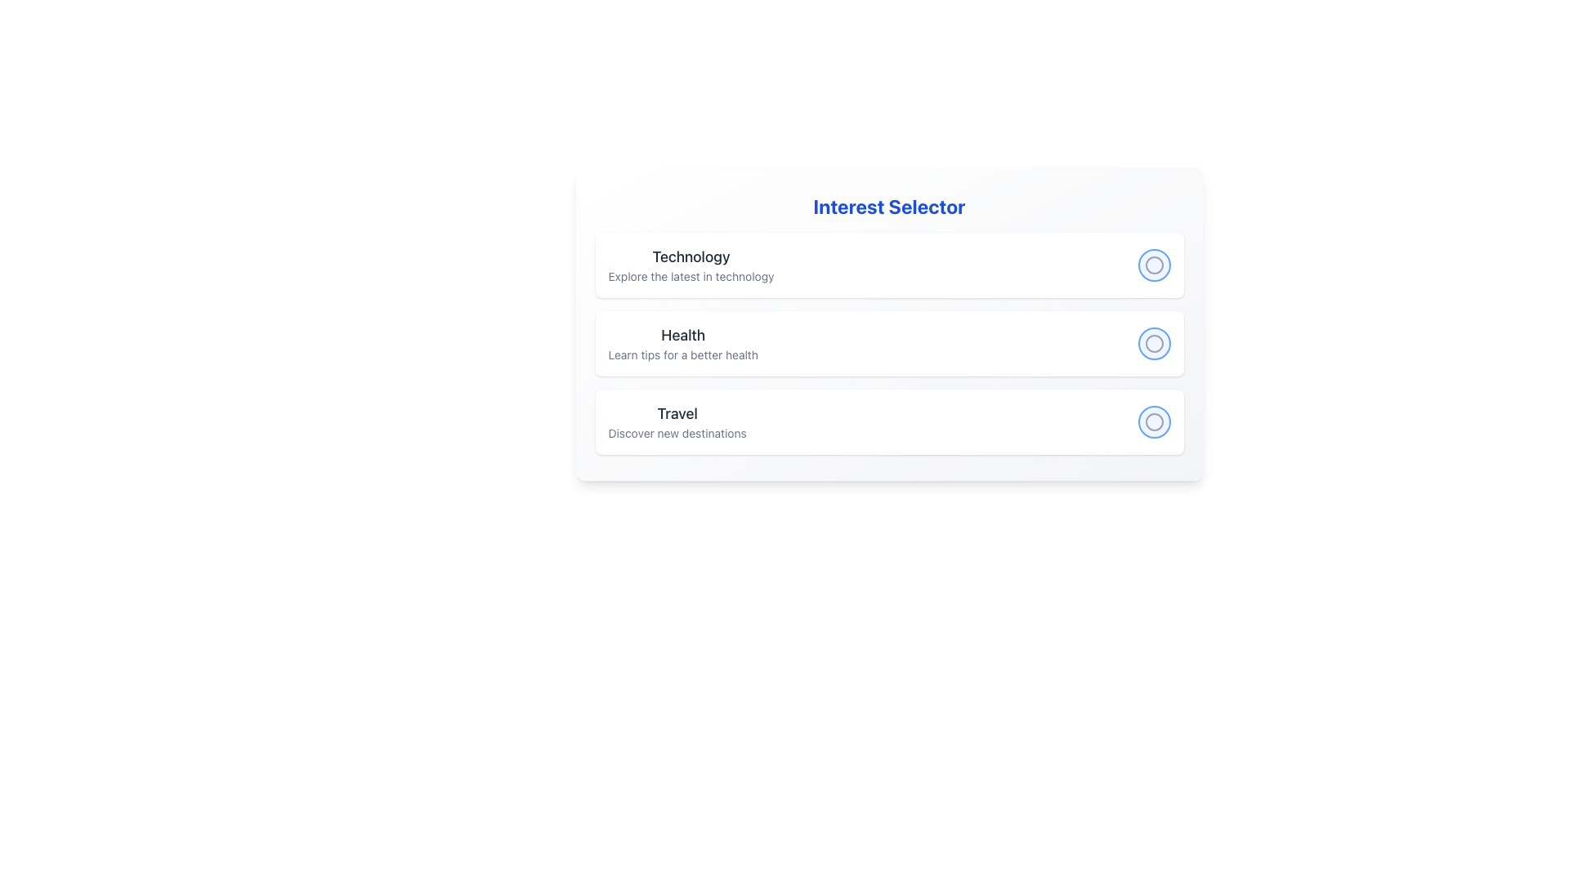  What do you see at coordinates (888, 206) in the screenshot?
I see `the Text label that serves as the title for the section indicating the purpose of the component below, which is to select an interest` at bounding box center [888, 206].